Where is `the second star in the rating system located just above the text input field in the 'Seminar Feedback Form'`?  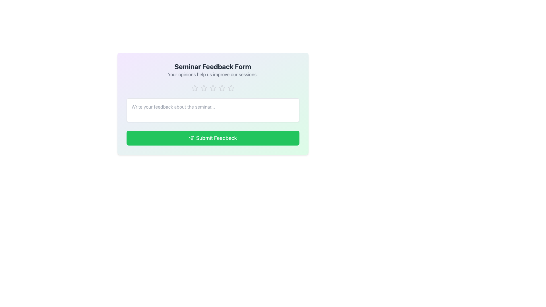
the second star in the rating system located just above the text input field in the 'Seminar Feedback Form' is located at coordinates (195, 88).